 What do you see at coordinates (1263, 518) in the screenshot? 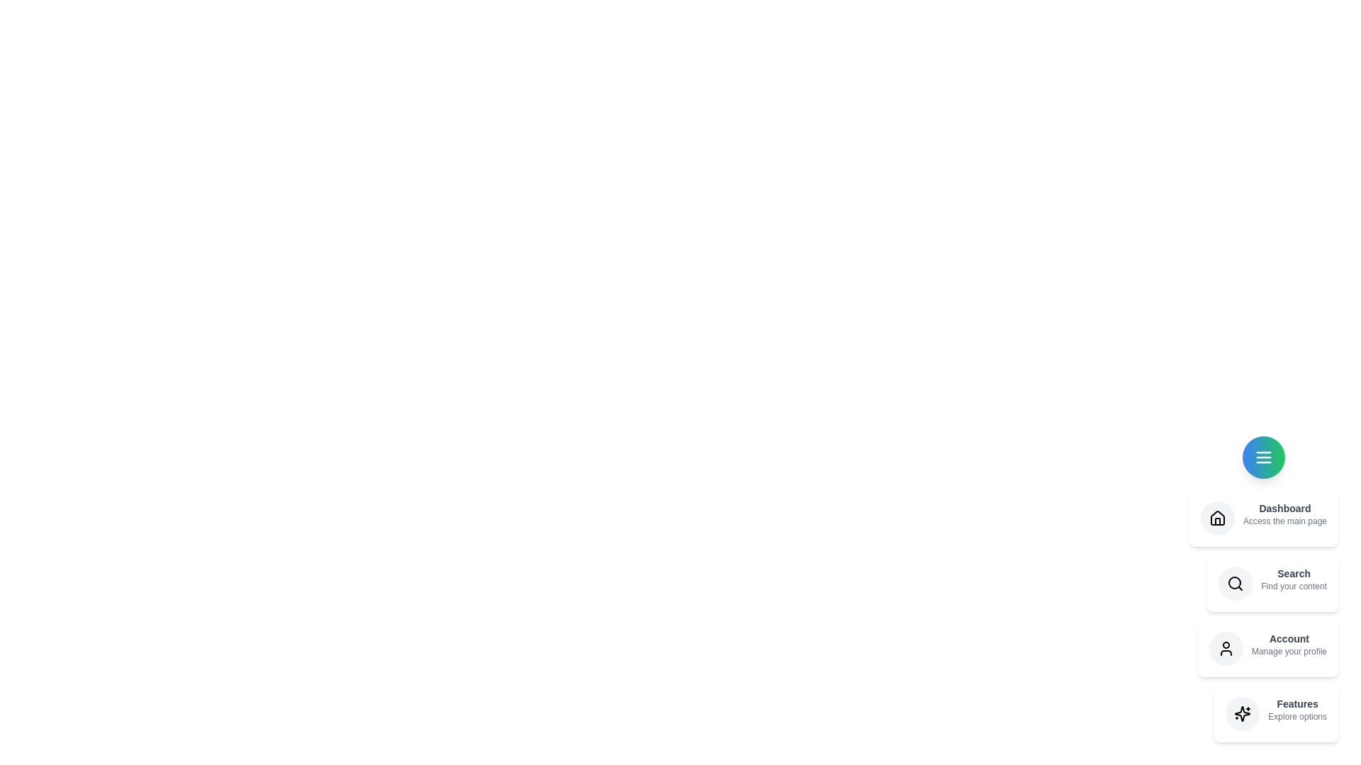
I see `the description of the menu item labeled Dashboard` at bounding box center [1263, 518].